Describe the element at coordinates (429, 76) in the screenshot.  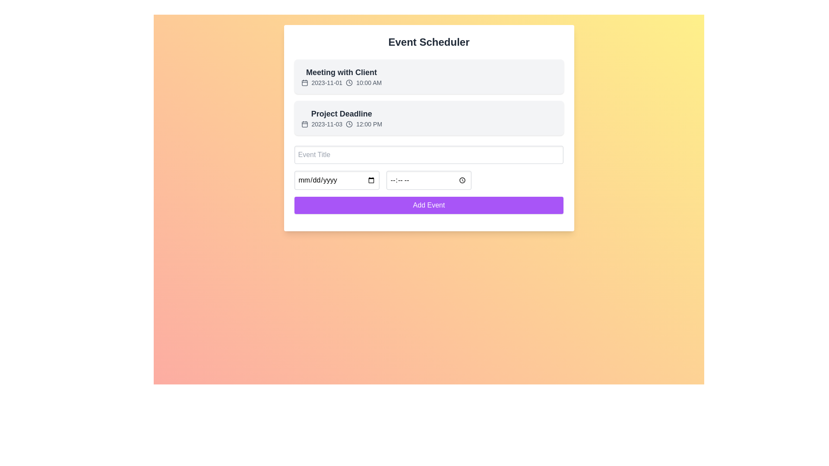
I see `the first Event card in the scheduler interface, which provides information about the event's title, date, and time` at that location.